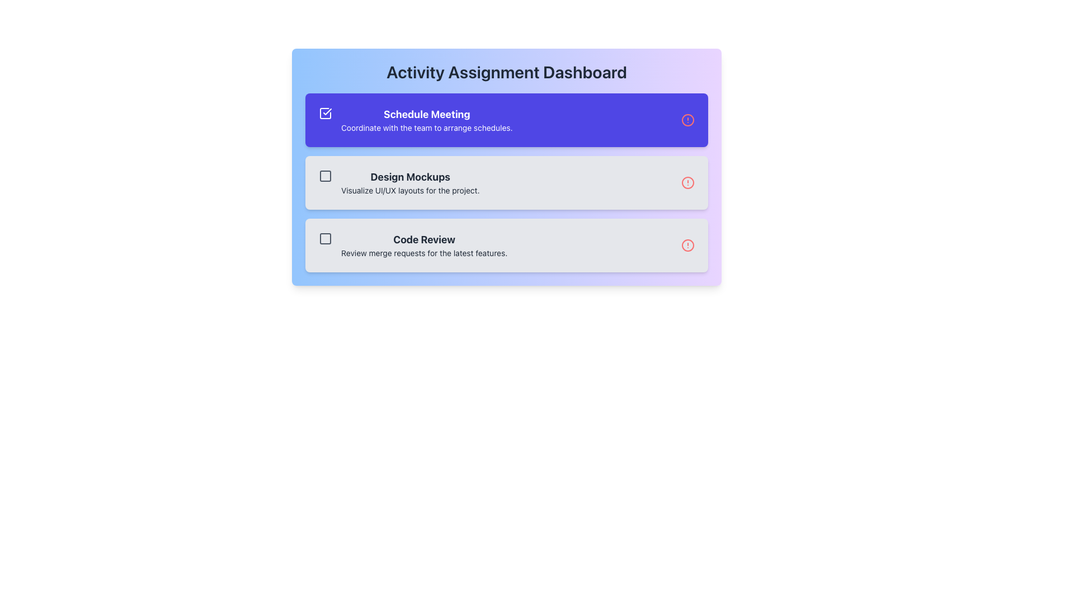  I want to click on the Text Display Panel displaying 'Design Mockups' with the message 'Visualize UI/UX layouts for the project.', so click(399, 182).